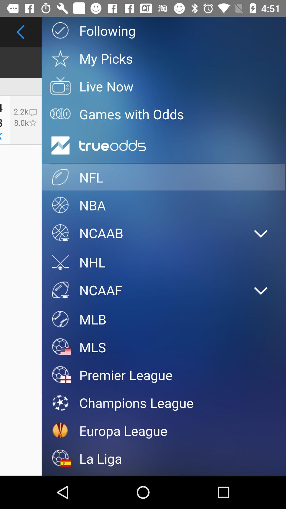  What do you see at coordinates (60, 145) in the screenshot?
I see `item to the right of 2 2k c item` at bounding box center [60, 145].